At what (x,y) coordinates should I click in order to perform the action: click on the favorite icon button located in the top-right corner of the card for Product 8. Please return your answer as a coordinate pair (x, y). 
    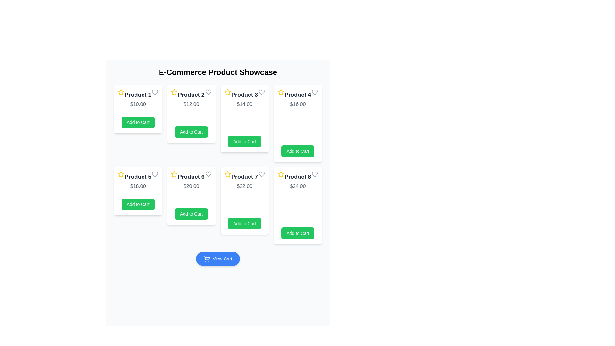
    Looking at the image, I should click on (315, 174).